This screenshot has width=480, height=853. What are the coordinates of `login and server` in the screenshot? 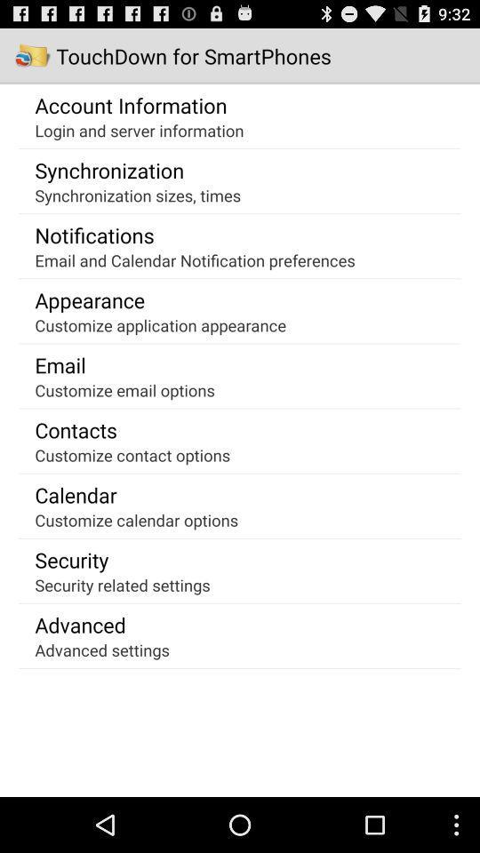 It's located at (138, 129).